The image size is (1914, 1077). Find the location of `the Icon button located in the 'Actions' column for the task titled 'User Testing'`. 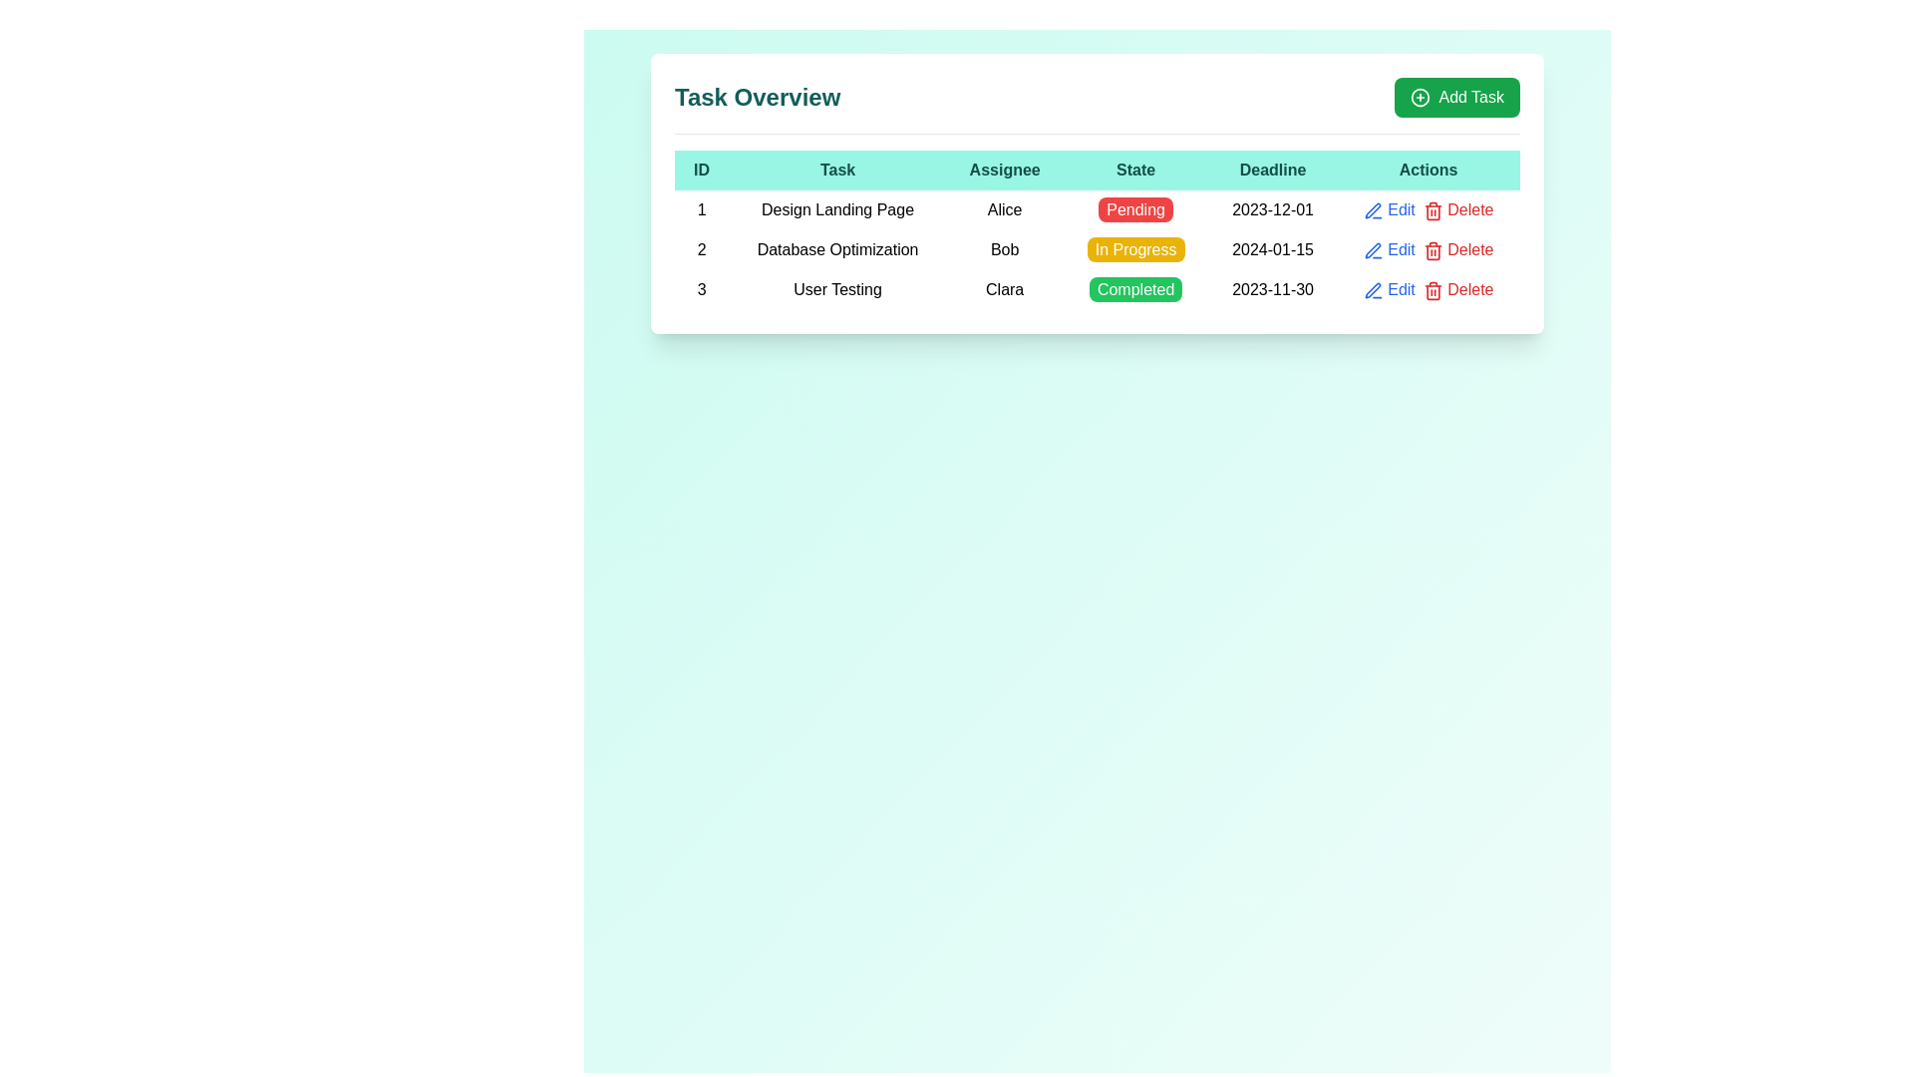

the Icon button located in the 'Actions' column for the task titled 'User Testing' is located at coordinates (1372, 290).